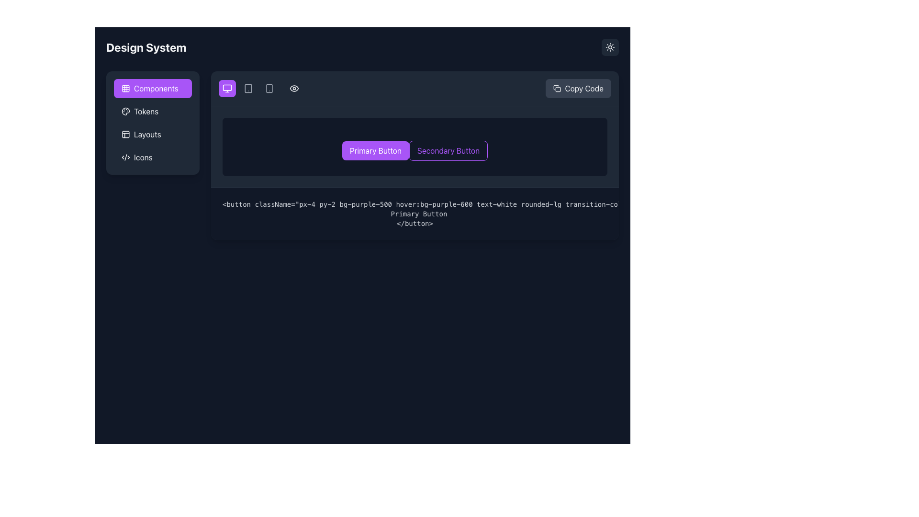 Image resolution: width=919 pixels, height=517 pixels. I want to click on the third menu item labeled 'Layouts' in the vertical menu under 'Design System', so click(152, 123).